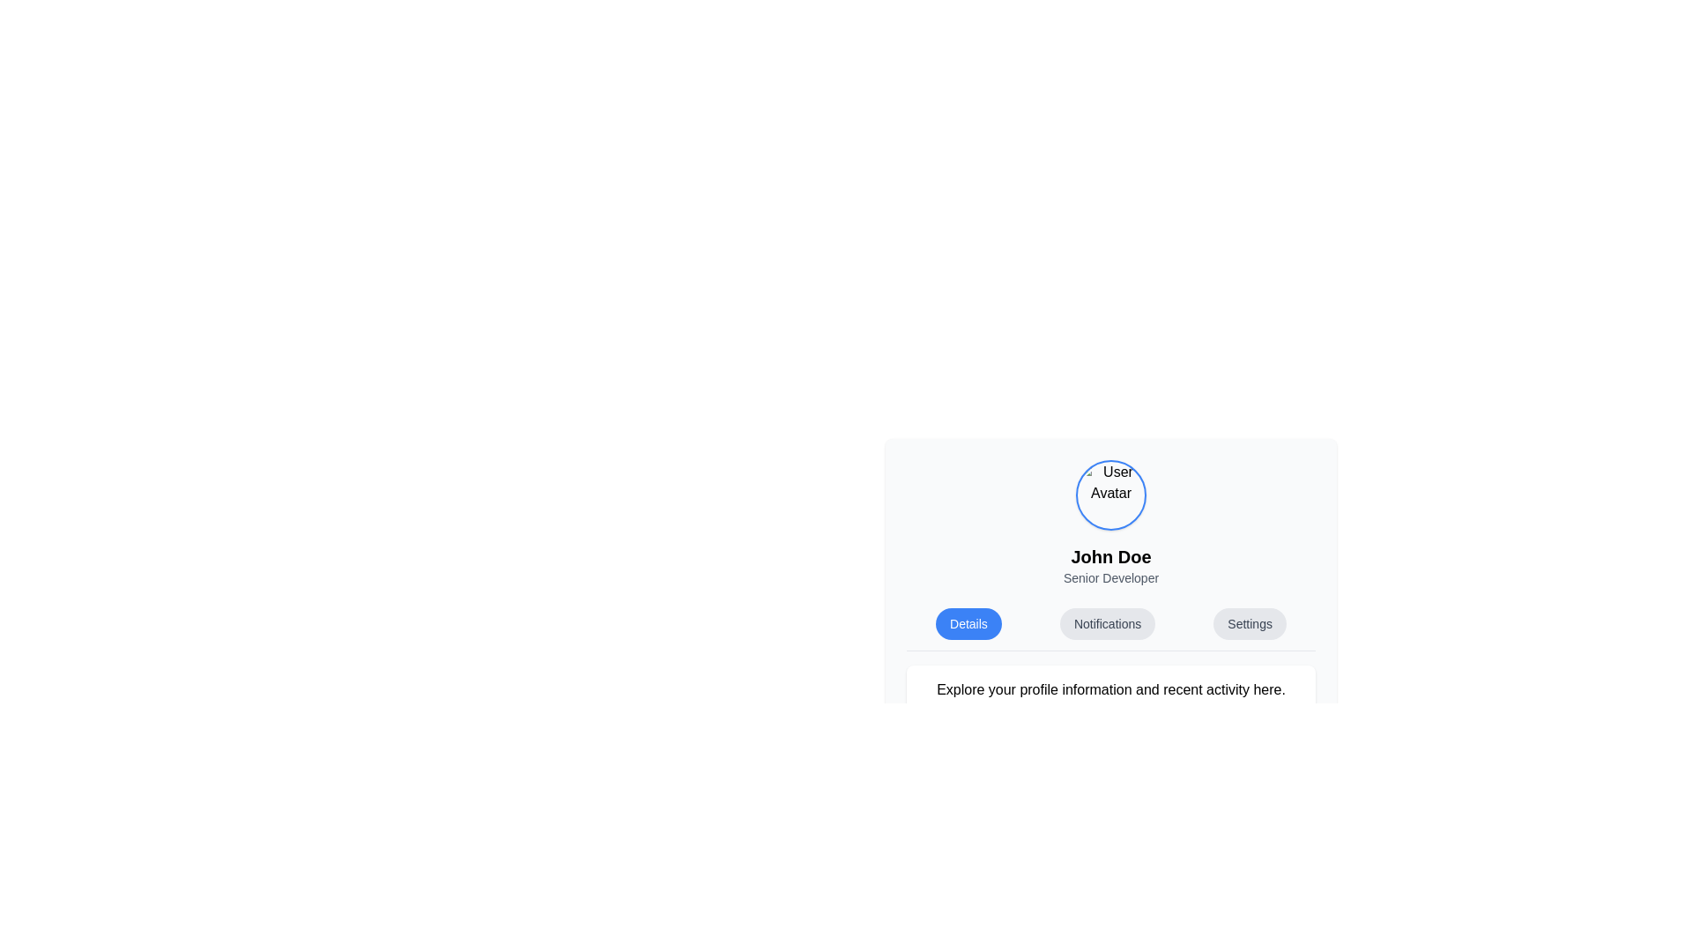  What do you see at coordinates (1107, 623) in the screenshot?
I see `the notifications button, which is the second button in a horizontal row of three buttons, positioned between the 'Details' and 'Settings' buttons` at bounding box center [1107, 623].